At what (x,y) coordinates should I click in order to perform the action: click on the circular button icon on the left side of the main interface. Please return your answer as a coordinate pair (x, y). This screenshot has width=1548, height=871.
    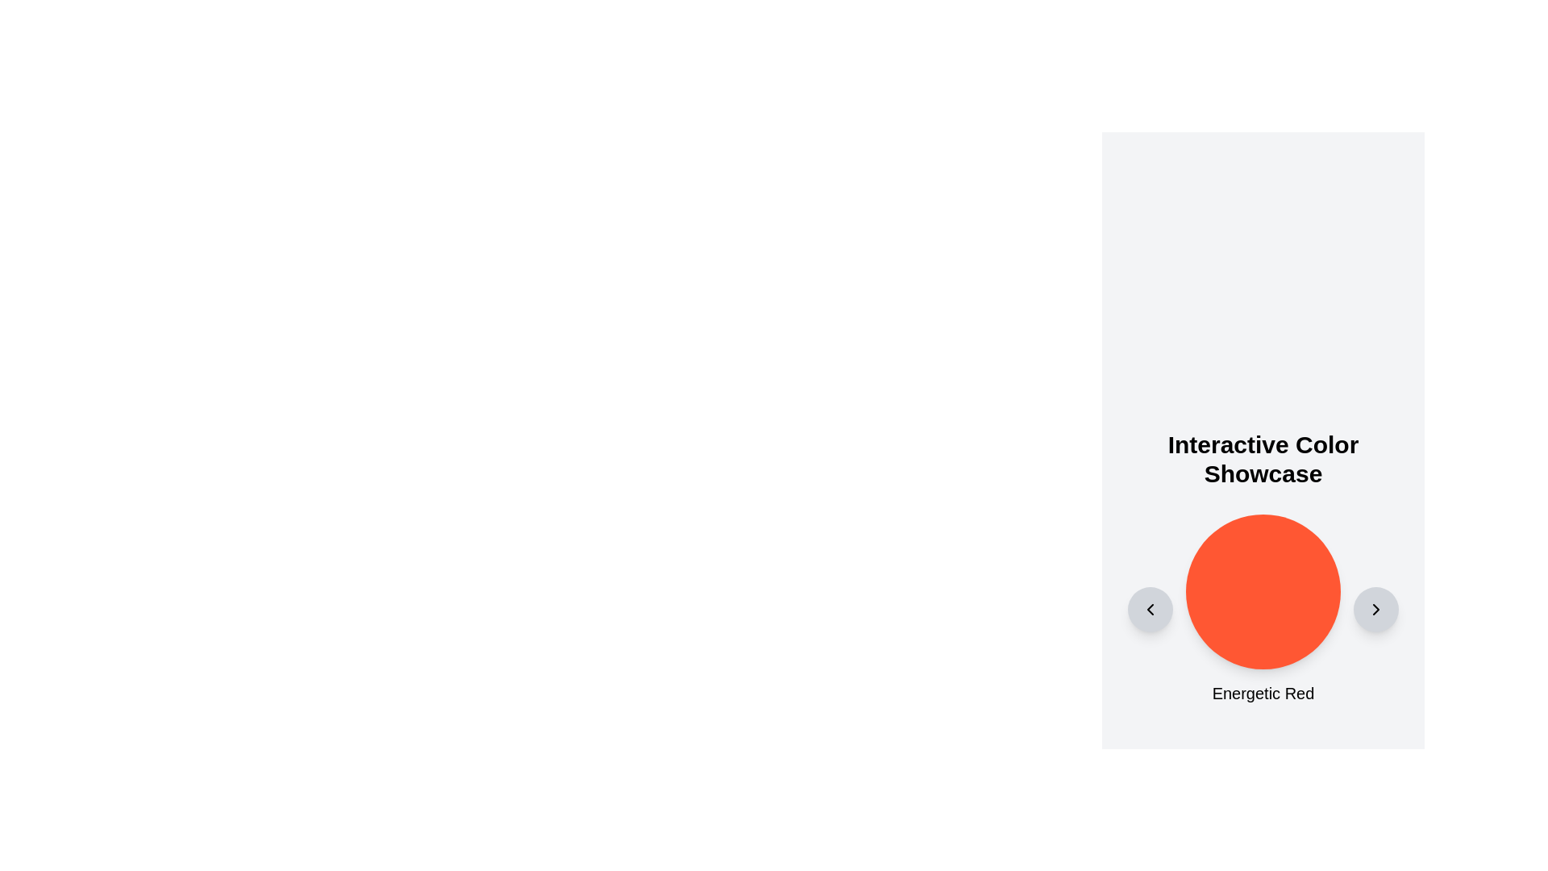
    Looking at the image, I should click on (1149, 610).